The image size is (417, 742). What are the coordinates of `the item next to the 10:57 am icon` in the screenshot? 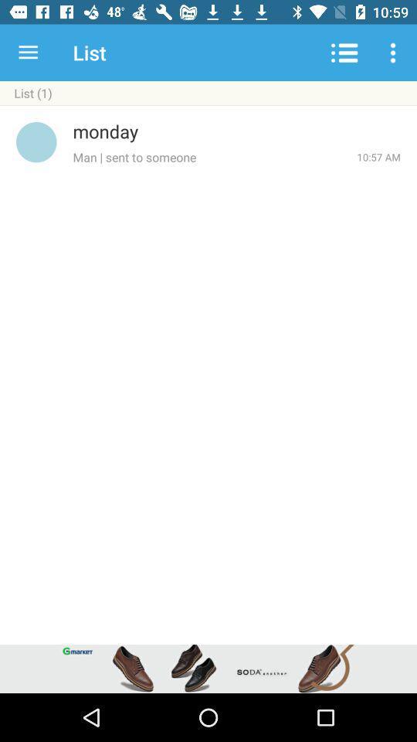 It's located at (214, 157).